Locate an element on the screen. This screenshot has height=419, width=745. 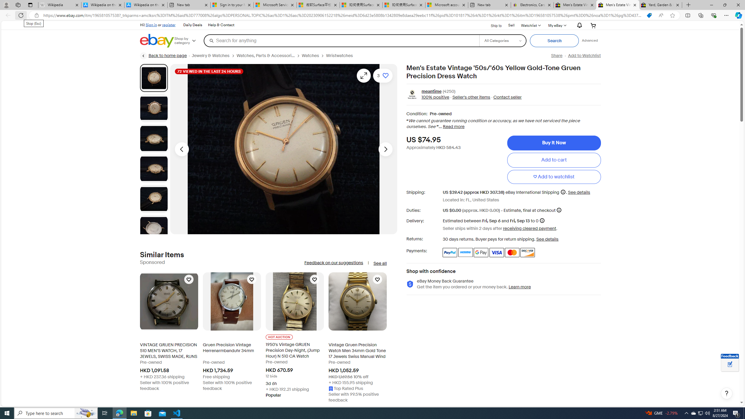
'Microsoft Services Agreement' is located at coordinates (275, 5).